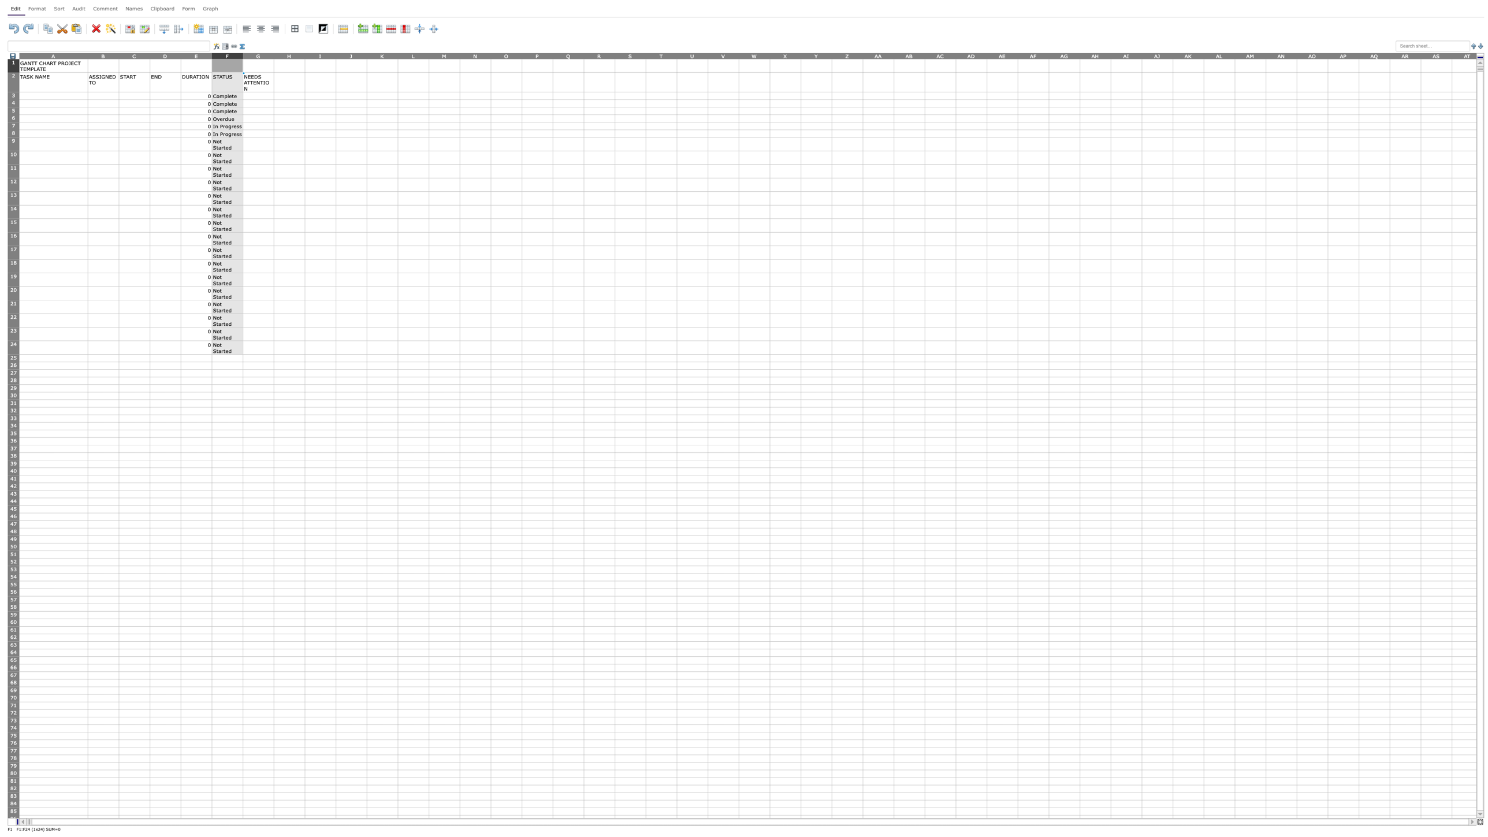  Describe the element at coordinates (304, 55) in the screenshot. I see `the right edge of column H, for next step resizing the column` at that location.